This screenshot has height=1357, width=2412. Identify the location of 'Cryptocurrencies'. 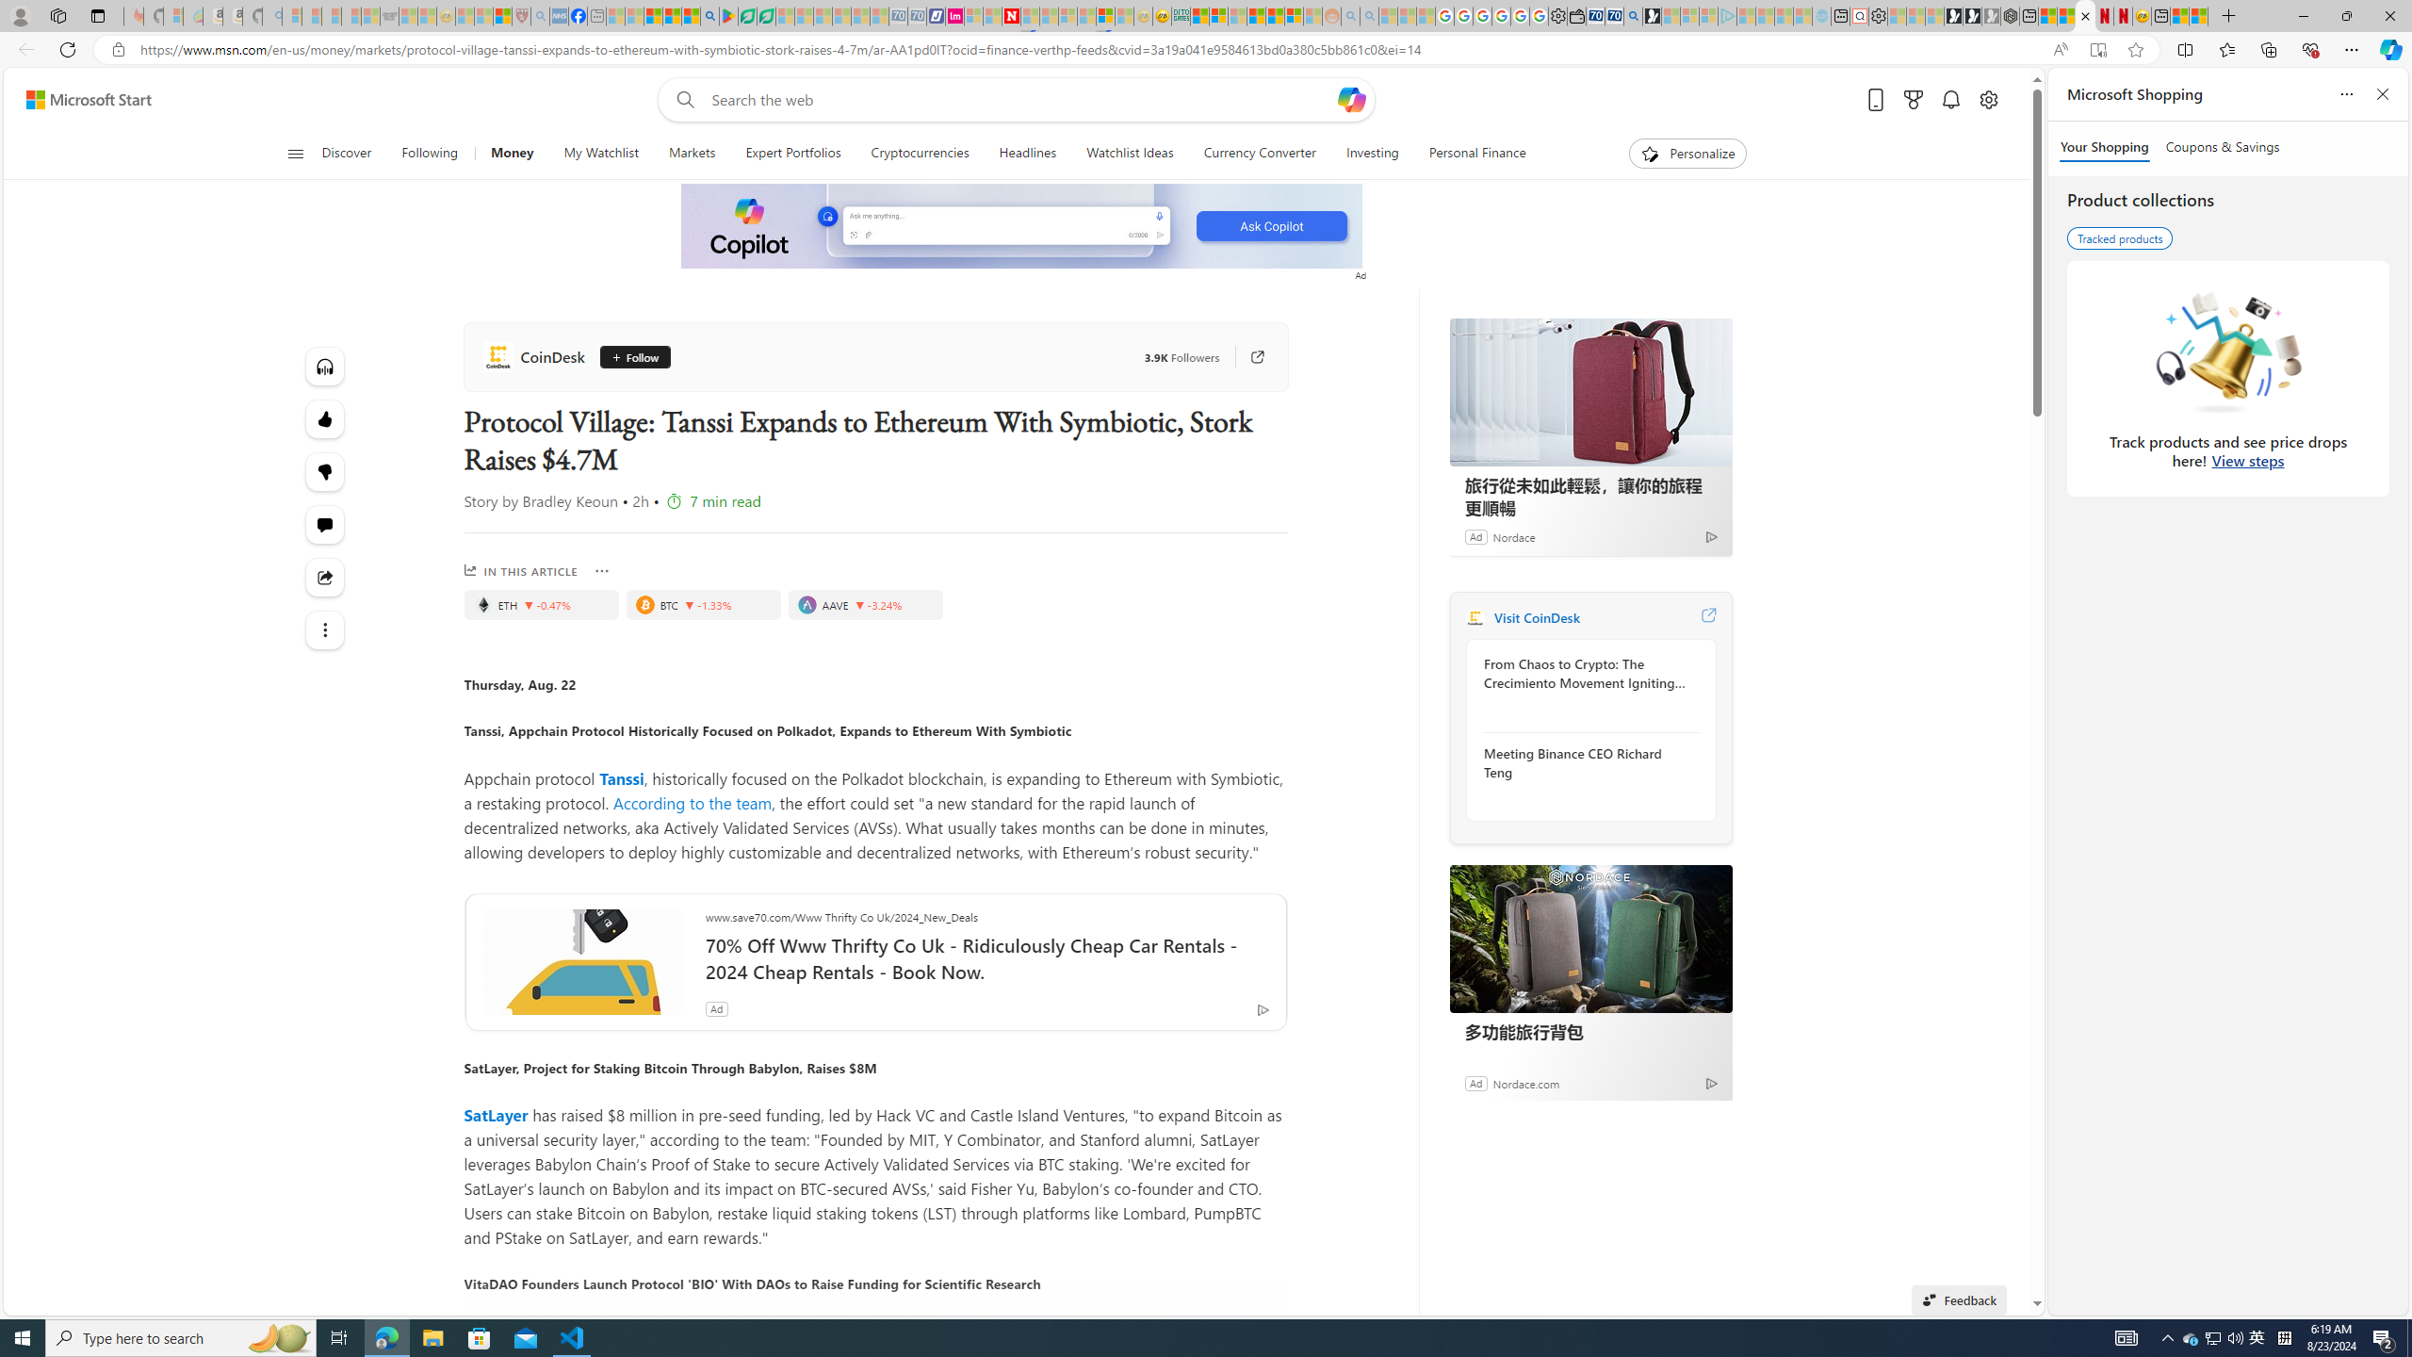
(919, 153).